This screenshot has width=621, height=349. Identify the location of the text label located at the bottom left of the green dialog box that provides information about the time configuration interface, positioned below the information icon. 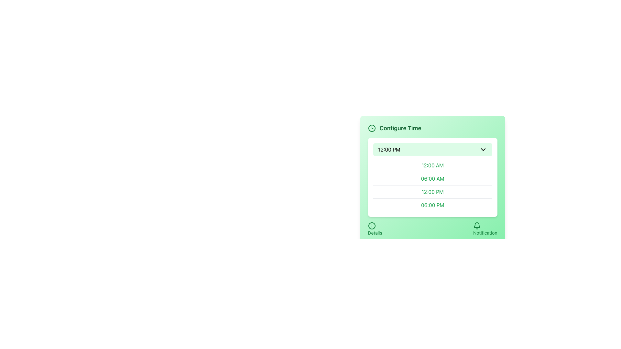
(375, 233).